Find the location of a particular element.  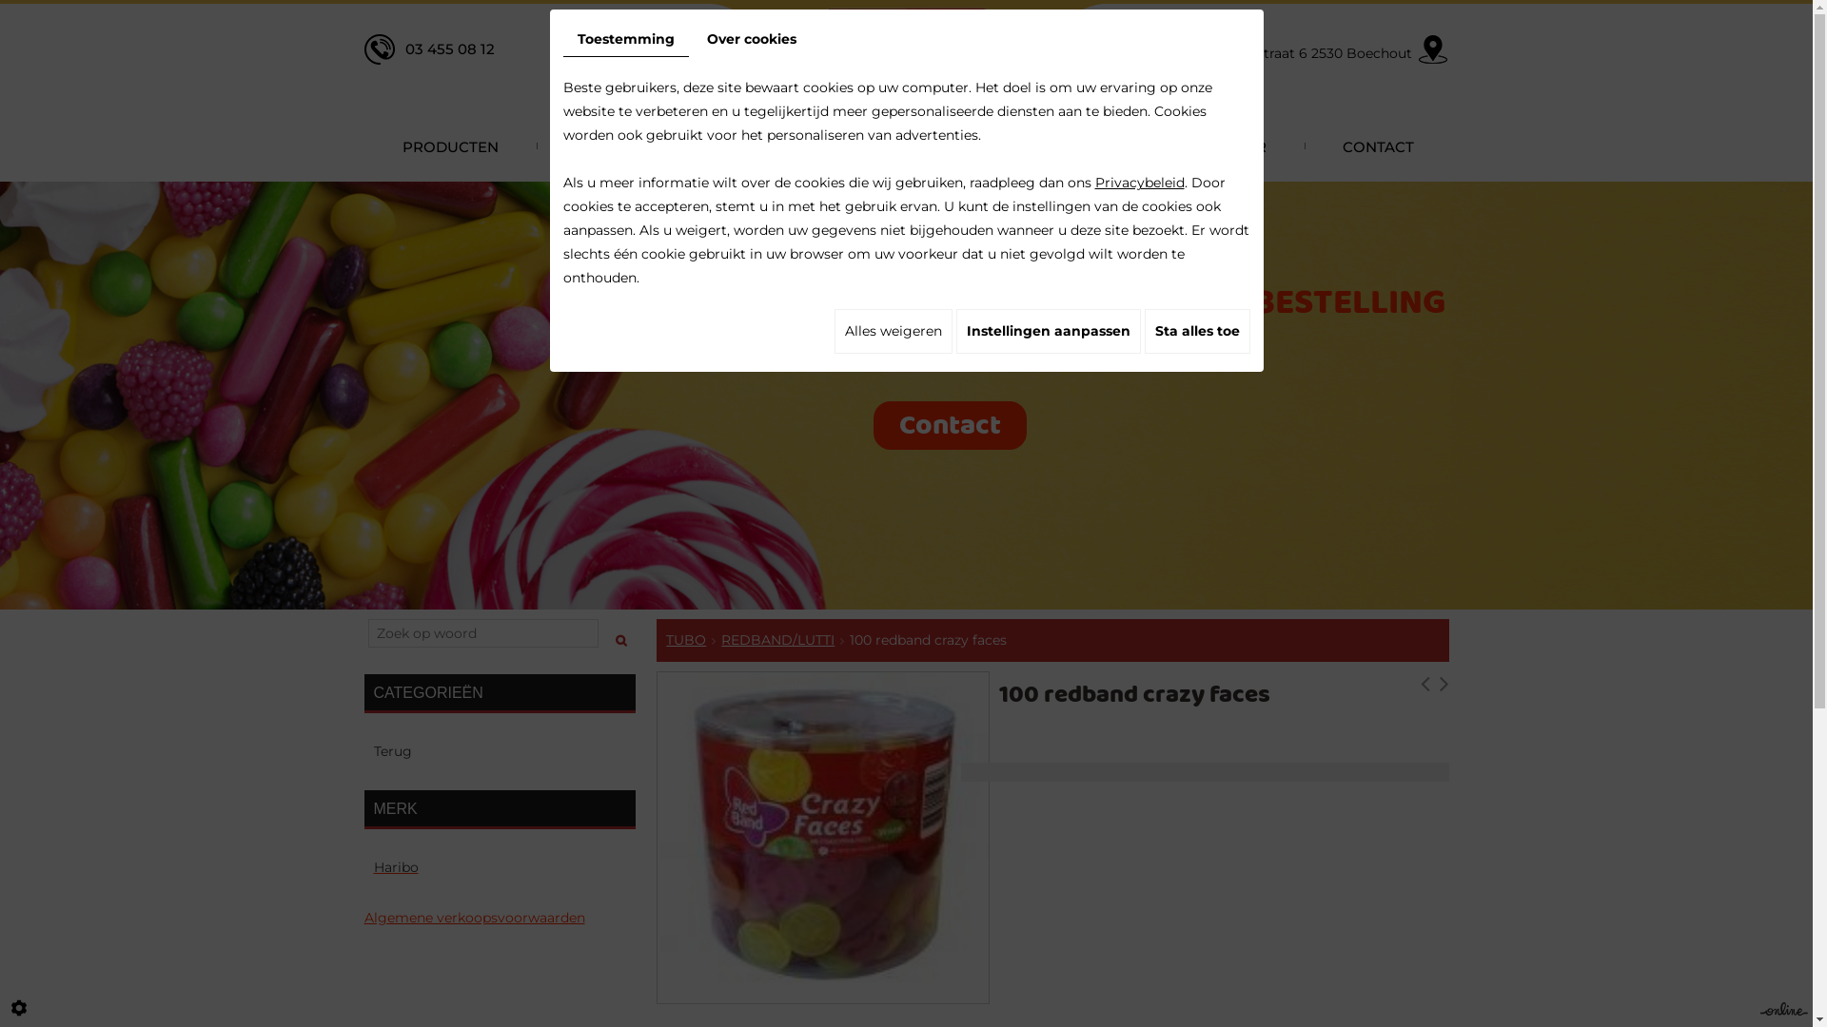

'Sta alles toe' is located at coordinates (1195, 330).